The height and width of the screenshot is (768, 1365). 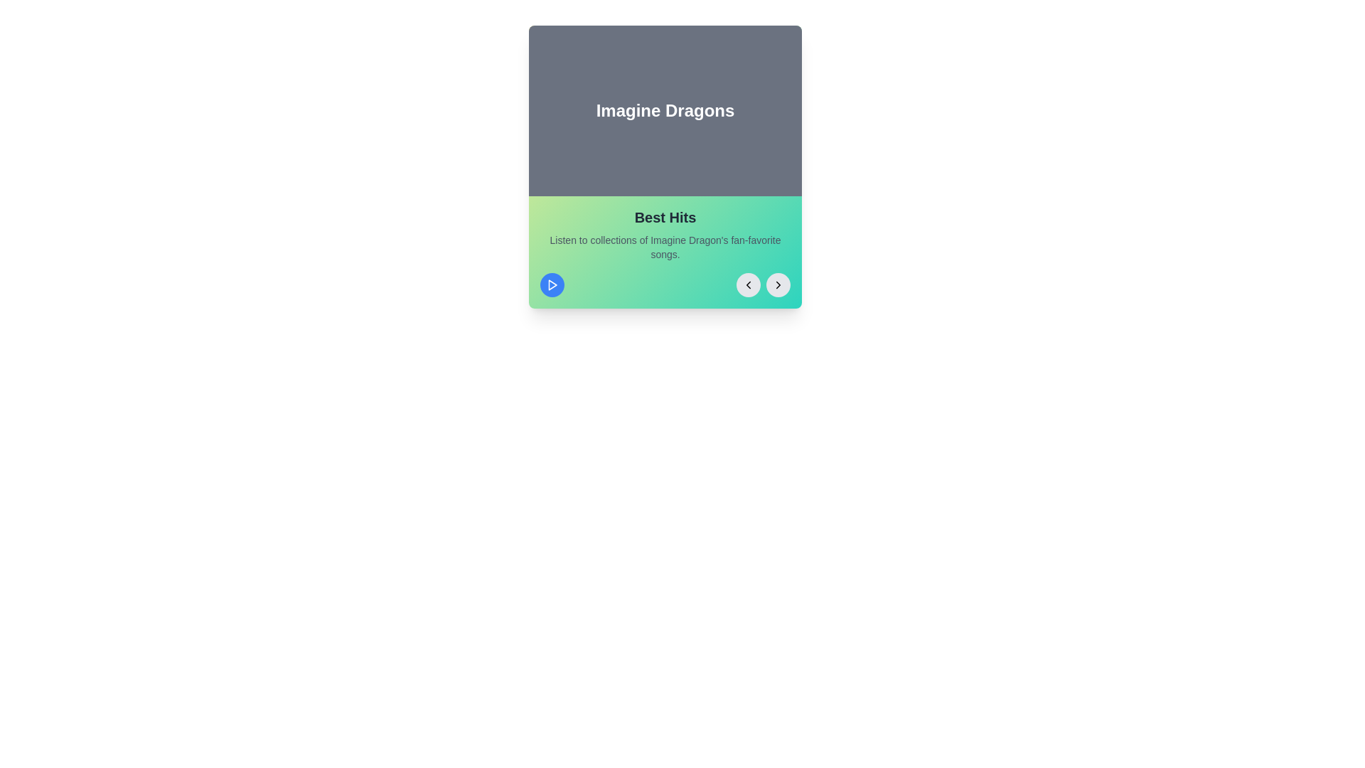 I want to click on the text label displaying the message 'Listen to collections of Imagine Dragon's fan-favorite songs.', which is positioned below the 'Best Hits' heading and above navigation buttons, centrally aligned within a green-to-blue gradient background, so click(x=665, y=246).